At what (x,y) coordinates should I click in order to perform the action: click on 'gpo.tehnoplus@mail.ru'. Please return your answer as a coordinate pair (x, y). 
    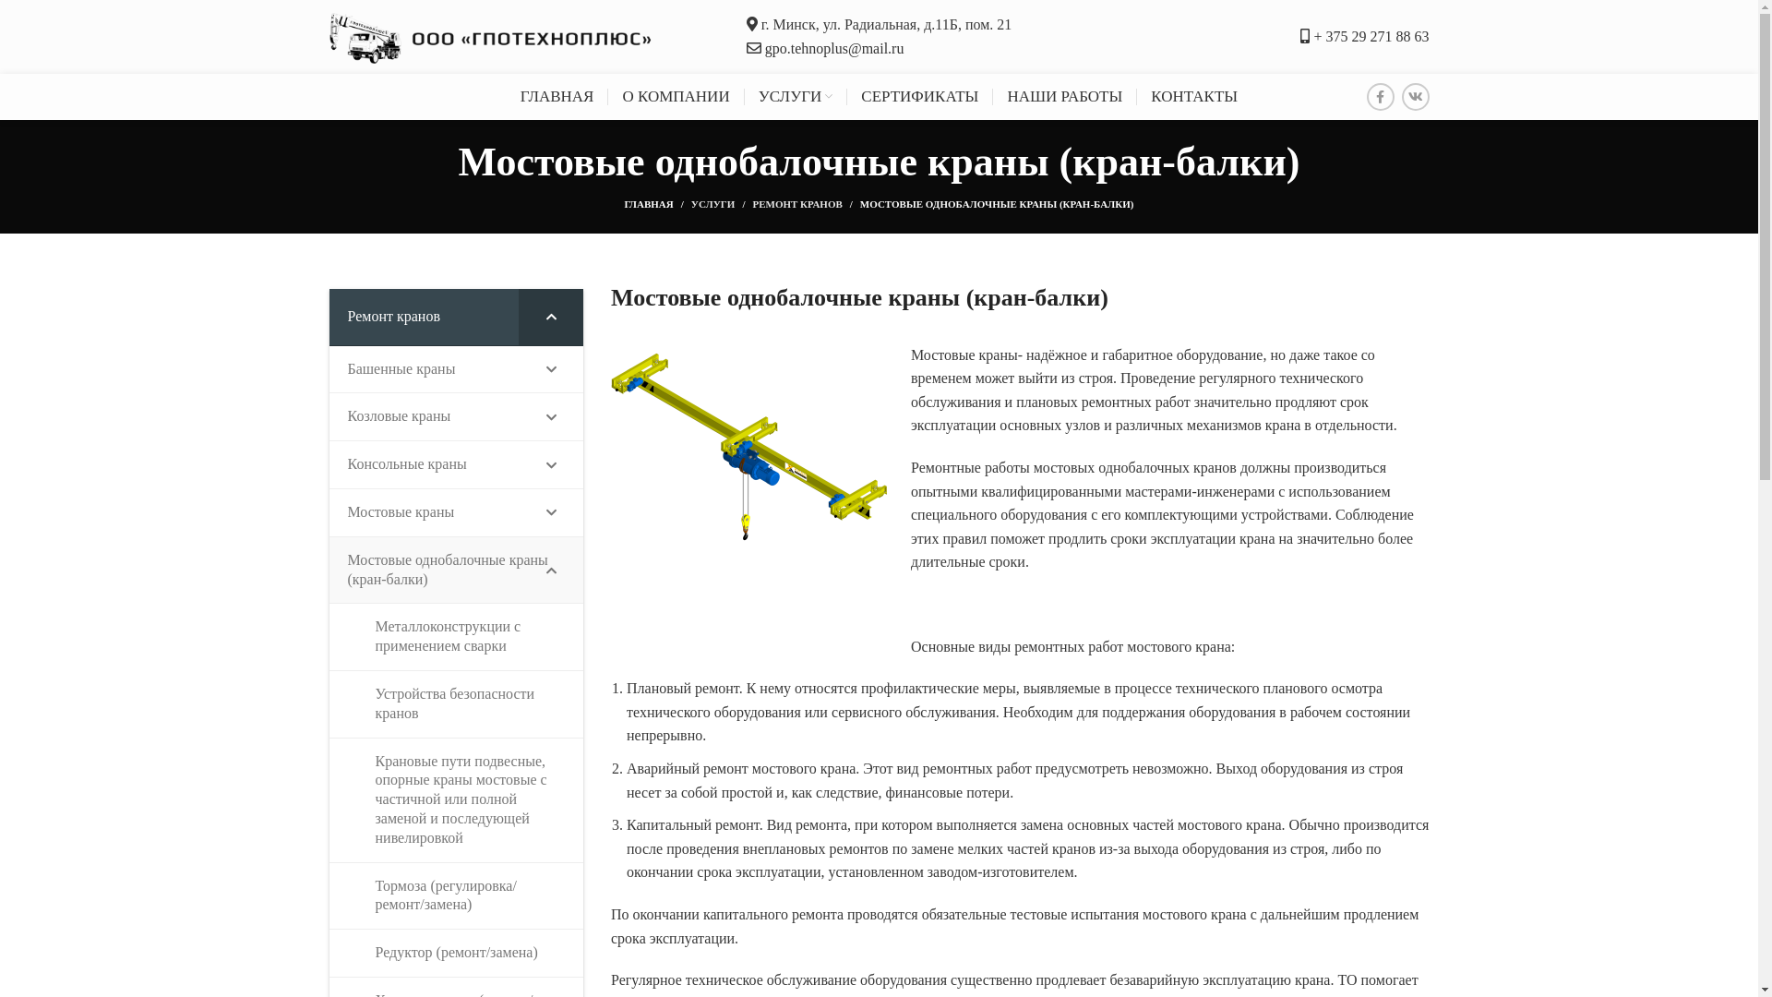
    Looking at the image, I should click on (833, 47).